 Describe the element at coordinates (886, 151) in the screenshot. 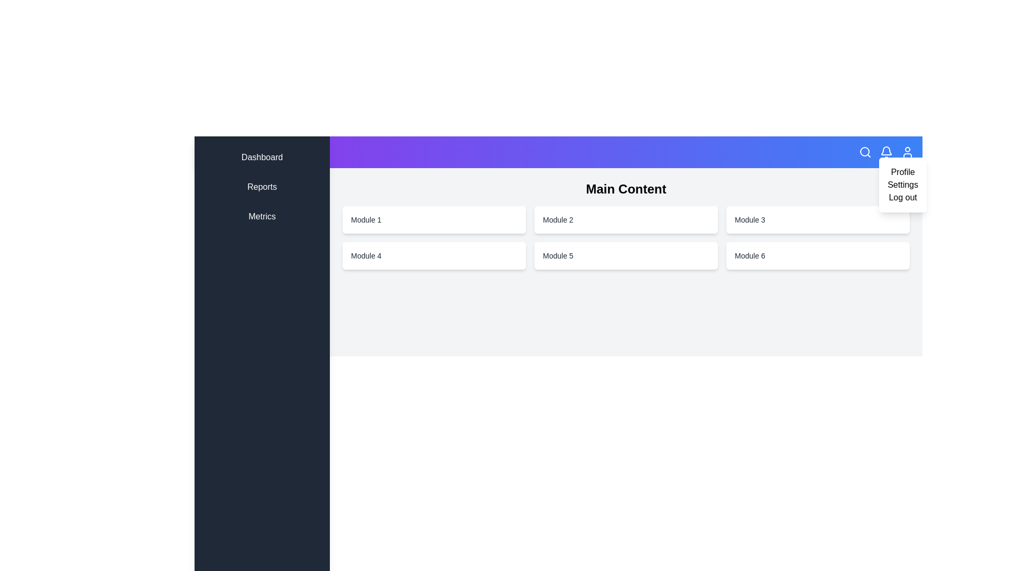

I see `the notification icon, which is a curved triangular shape outline resembling a bell, located in the top-right section of the interface, before the user profile icon` at that location.